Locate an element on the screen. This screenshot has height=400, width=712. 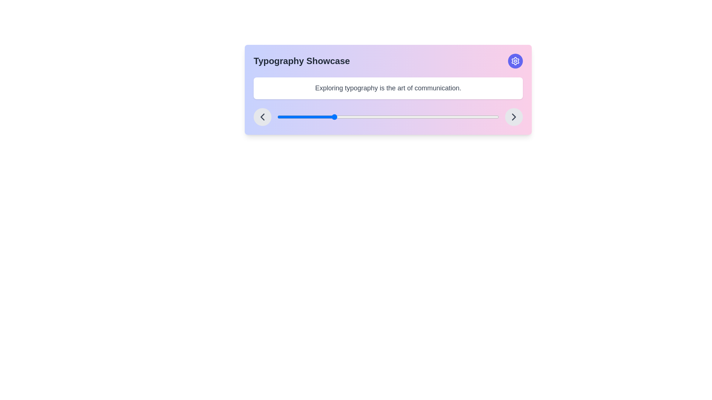
the small triangular left-pointing chevron icon is located at coordinates (263, 117).